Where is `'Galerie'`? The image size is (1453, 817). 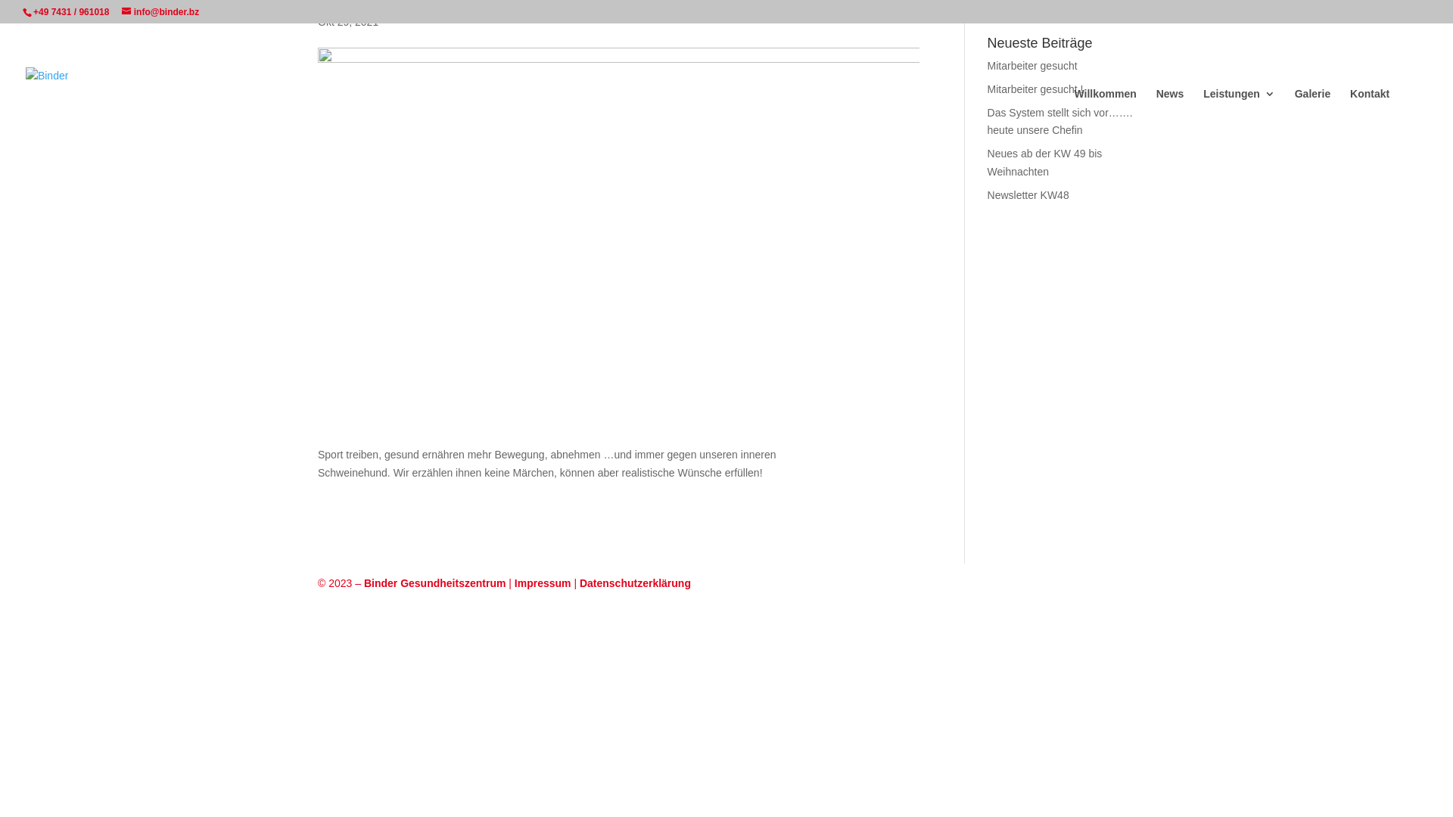 'Galerie' is located at coordinates (1311, 105).